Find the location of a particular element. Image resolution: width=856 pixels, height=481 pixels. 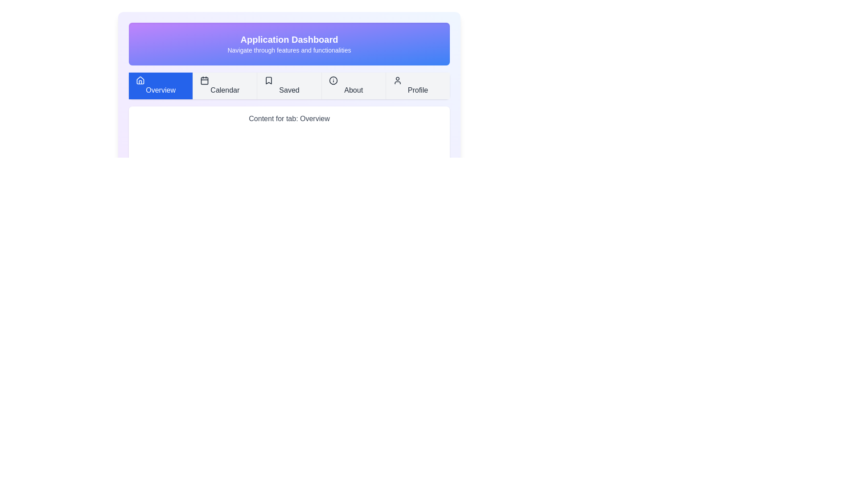

the small outline icon of a house in the 'Overview' tab section of the navigation bar, which is styled in white against a blue background is located at coordinates (140, 81).